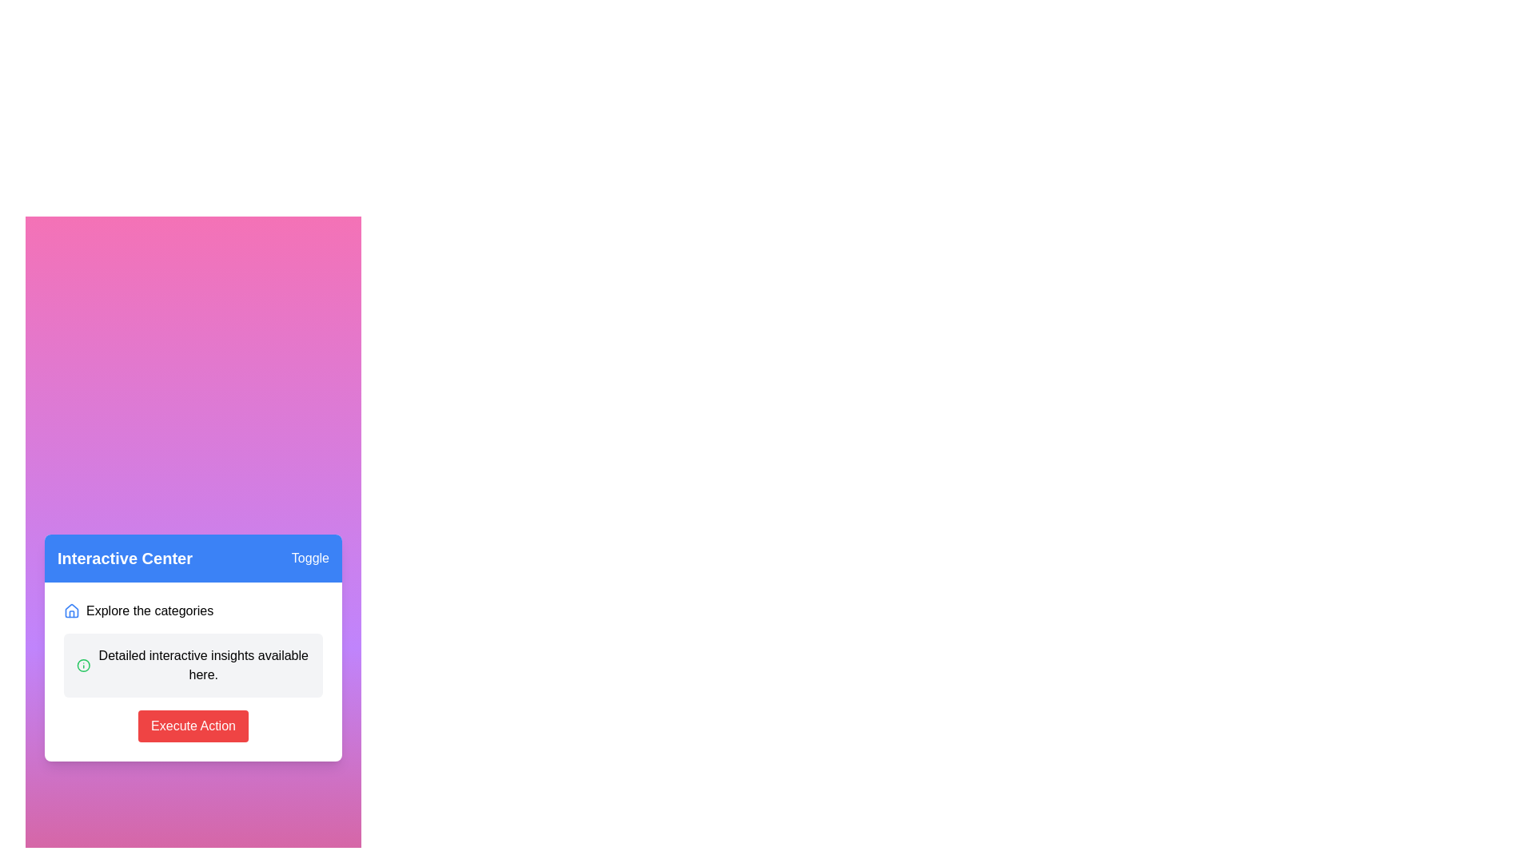  Describe the element at coordinates (82, 666) in the screenshot. I see `the green-bordered circular SVG shape that represents the 'info' icon located to the left of the text 'Detailed interactive insights available here' in the 'Interactive Center' module` at that location.